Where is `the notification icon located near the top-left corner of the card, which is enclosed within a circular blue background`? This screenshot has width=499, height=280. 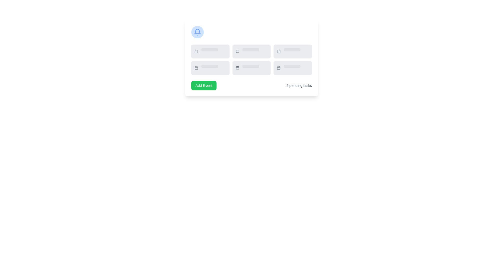
the notification icon located near the top-left corner of the card, which is enclosed within a circular blue background is located at coordinates (197, 32).